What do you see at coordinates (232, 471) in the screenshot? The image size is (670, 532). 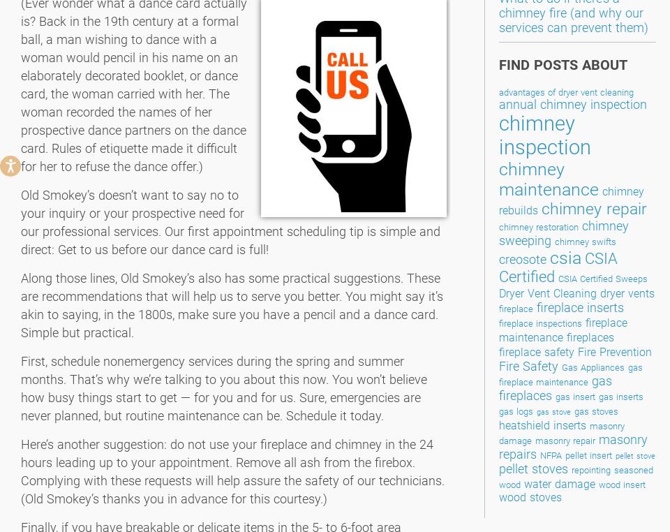 I see `'Here’s another suggestion: do not use your fireplace and chimney in the 24 hours leading up to your appointment. Remove all ash from the firebox. Complying with these requests will help assure the safety of our technicians. (Old Smokey’s thanks you in advance for this courtesy.)'` at bounding box center [232, 471].